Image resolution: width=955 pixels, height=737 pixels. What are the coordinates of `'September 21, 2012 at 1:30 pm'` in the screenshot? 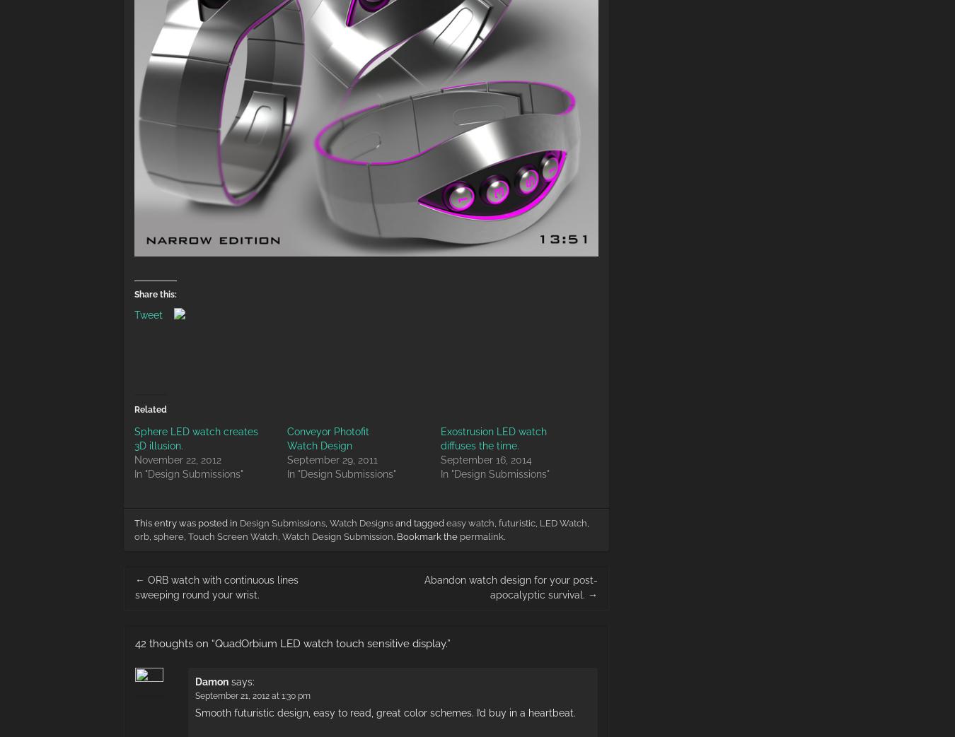 It's located at (194, 695).